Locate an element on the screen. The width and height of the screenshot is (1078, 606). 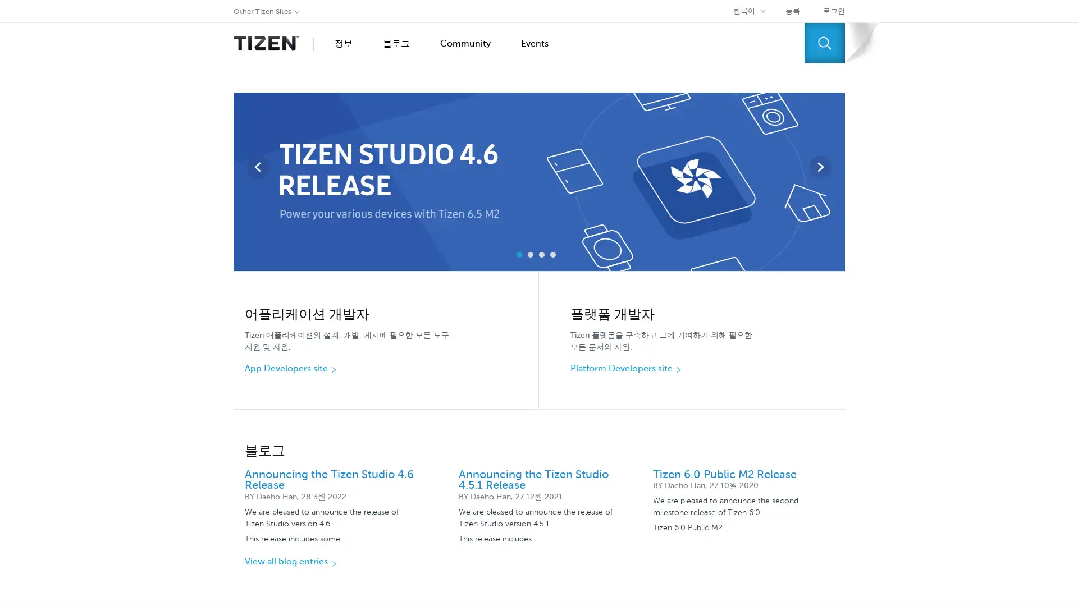
4 is located at coordinates (552, 255).